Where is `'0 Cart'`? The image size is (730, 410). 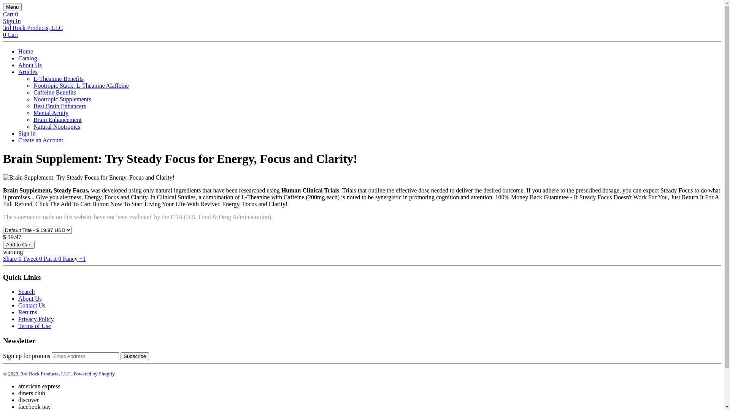 '0 Cart' is located at coordinates (11, 35).